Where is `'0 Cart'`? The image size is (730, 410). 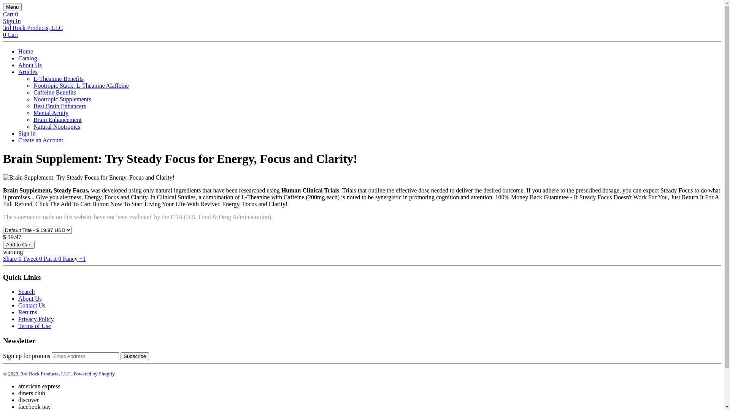 '0 Cart' is located at coordinates (11, 35).